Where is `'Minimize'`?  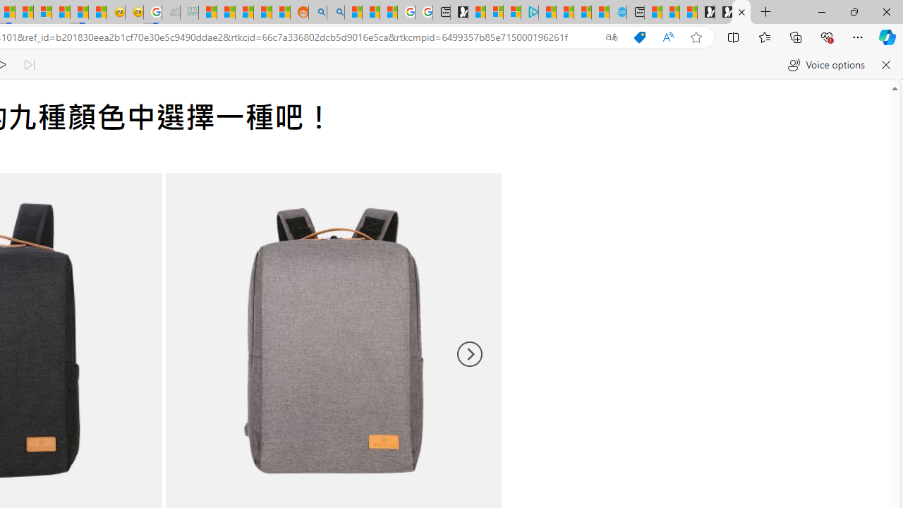
'Minimize' is located at coordinates (821, 11).